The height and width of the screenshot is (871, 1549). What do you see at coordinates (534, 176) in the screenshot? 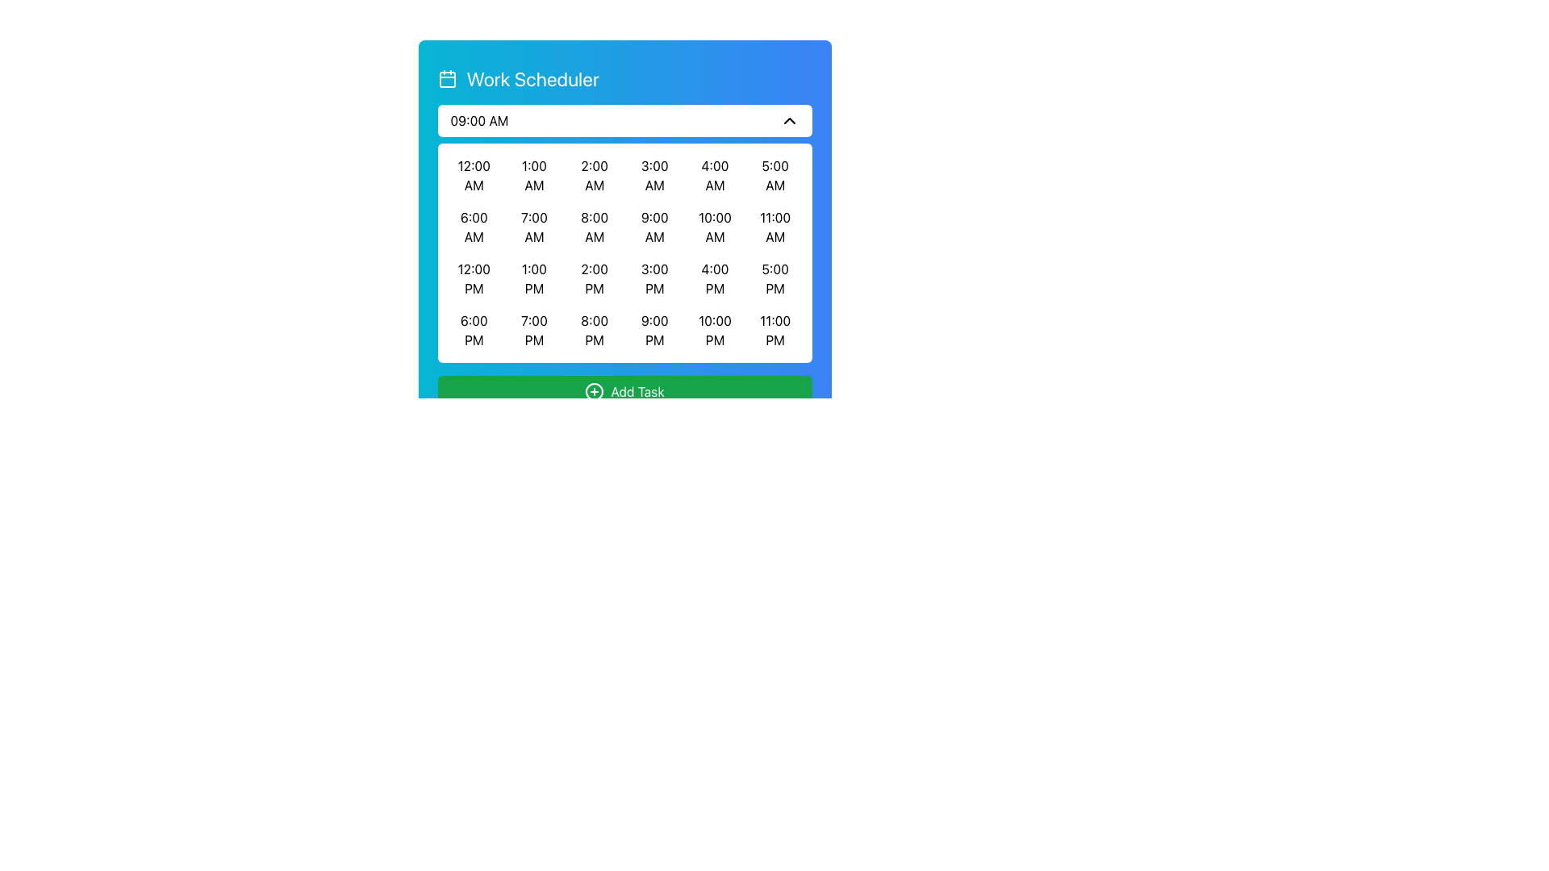
I see `the '1:00 AM' button, which is a small rectangular component with rounded corners in the schedule grid` at bounding box center [534, 176].